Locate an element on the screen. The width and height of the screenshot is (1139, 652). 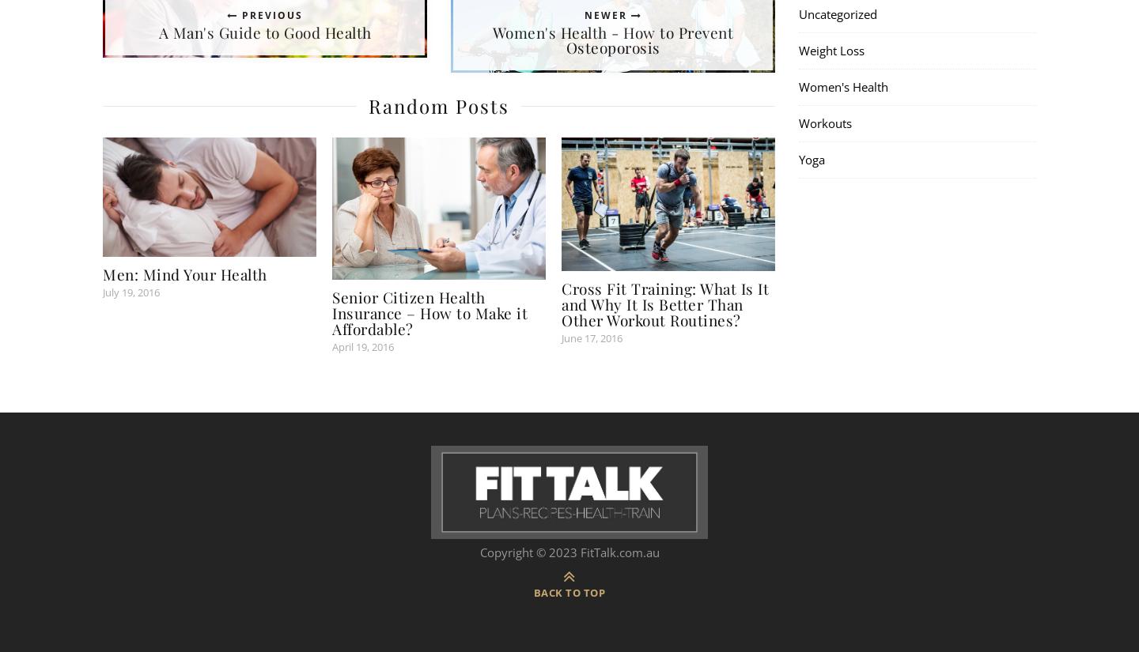
'Workouts' is located at coordinates (825, 122).